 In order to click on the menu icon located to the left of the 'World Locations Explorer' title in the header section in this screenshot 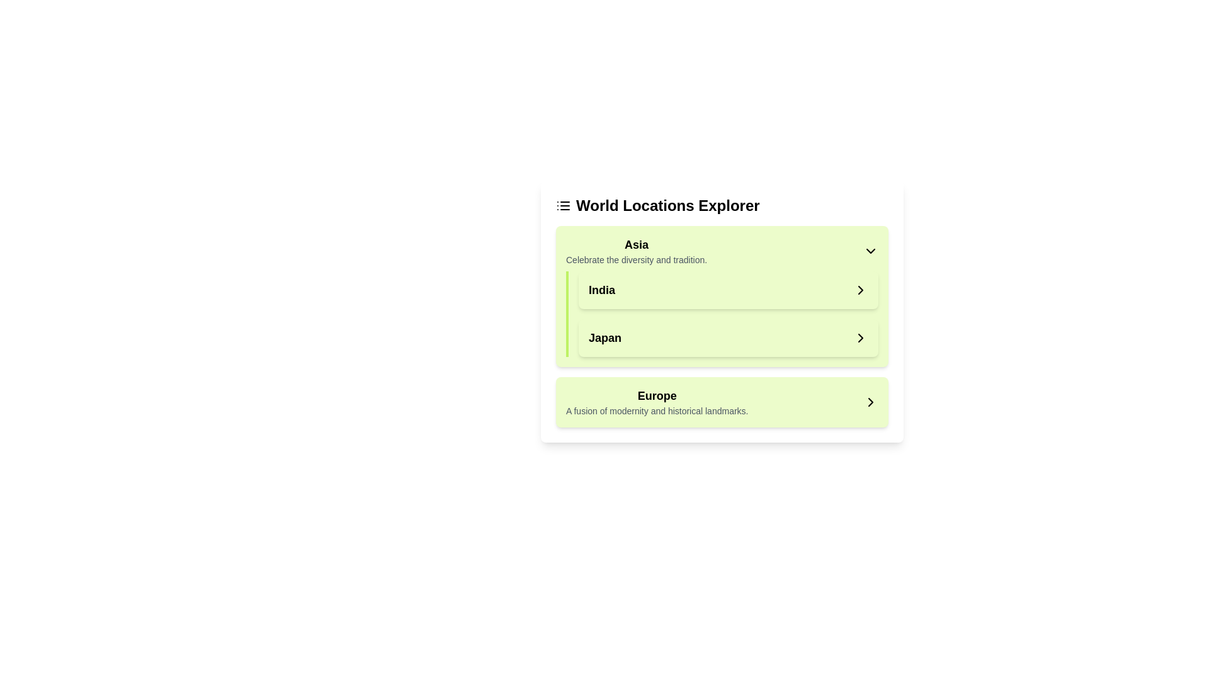, I will do `click(562, 205)`.